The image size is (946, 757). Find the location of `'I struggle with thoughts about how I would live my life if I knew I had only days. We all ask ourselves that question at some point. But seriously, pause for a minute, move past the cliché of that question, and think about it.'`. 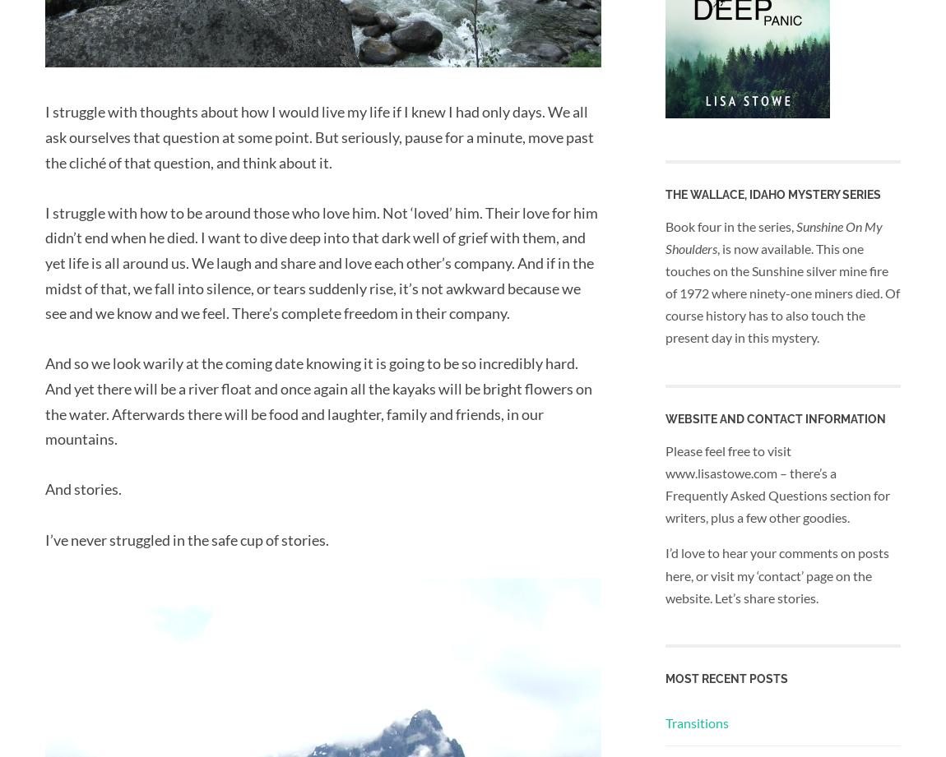

'I struggle with thoughts about how I would live my life if I knew I had only days. We all ask ourselves that question at some point. But seriously, pause for a minute, move past the cliché of that question, and think about it.' is located at coordinates (44, 136).